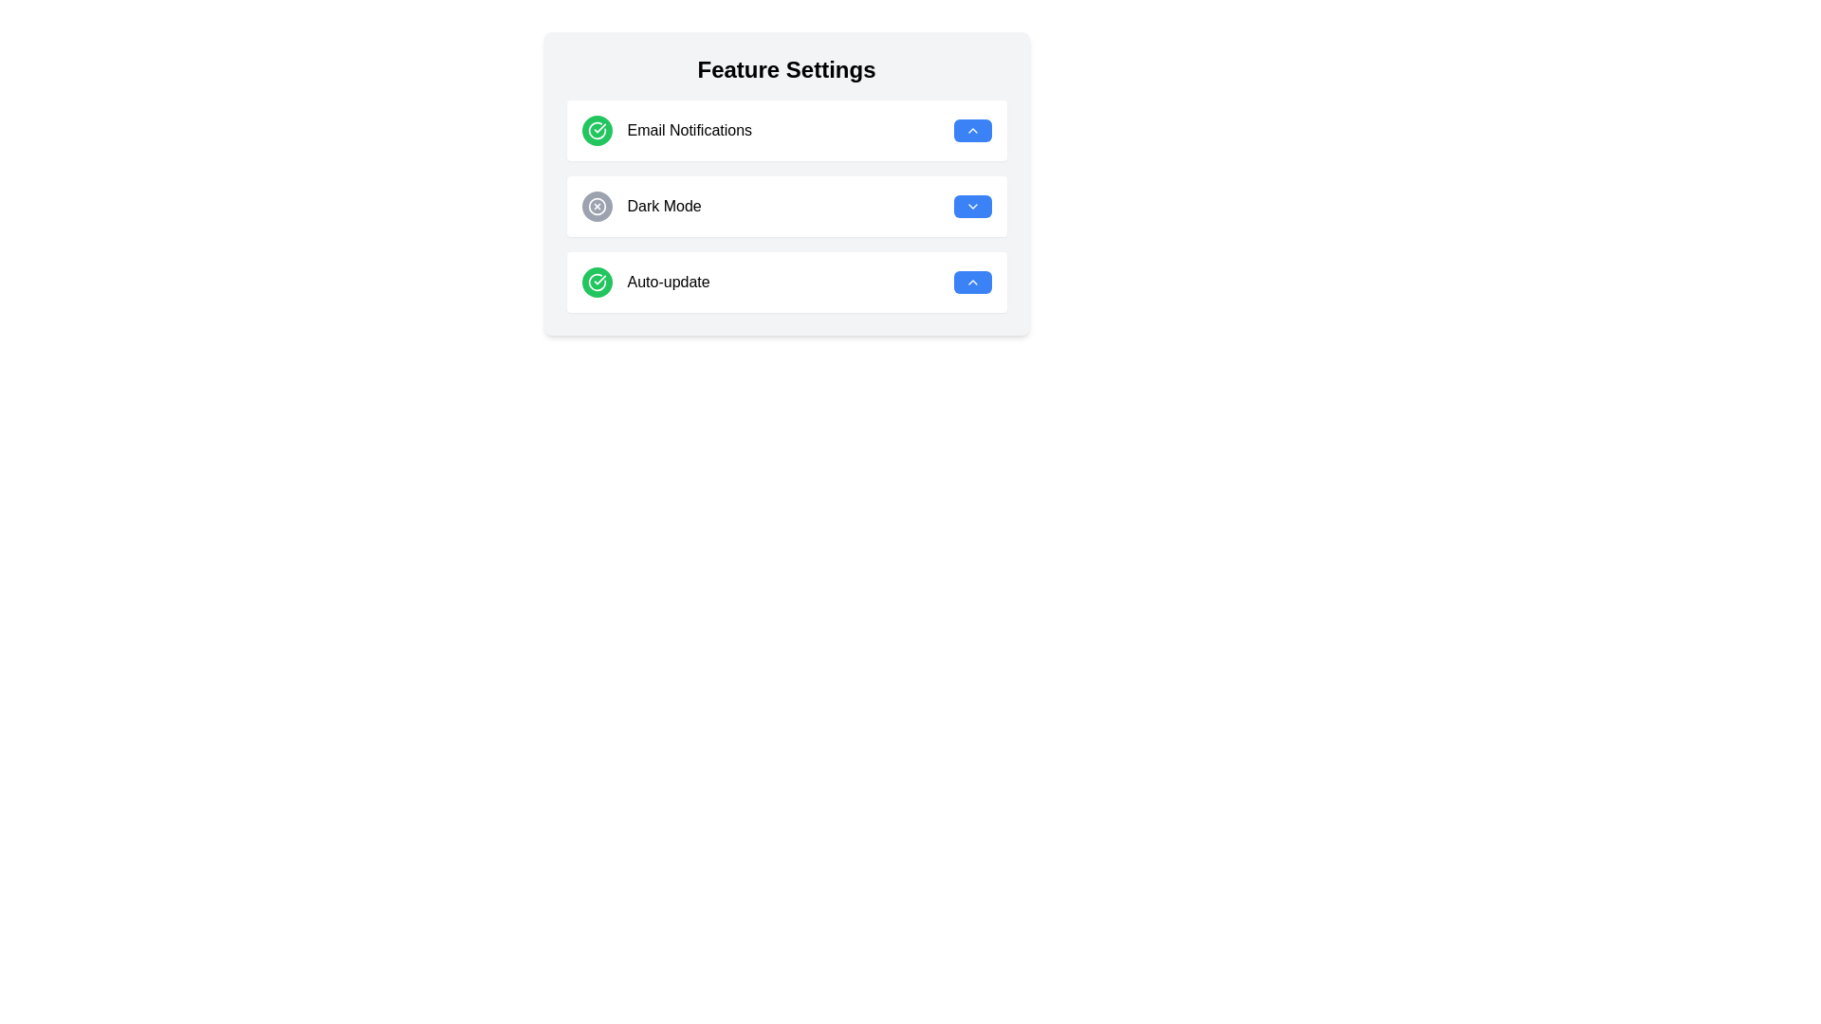  Describe the element at coordinates (596, 207) in the screenshot. I see `the SVG Circle element that is part of the 'Dark Mode' feature's icon, which is centrally positioned within the crossed circle design` at that location.